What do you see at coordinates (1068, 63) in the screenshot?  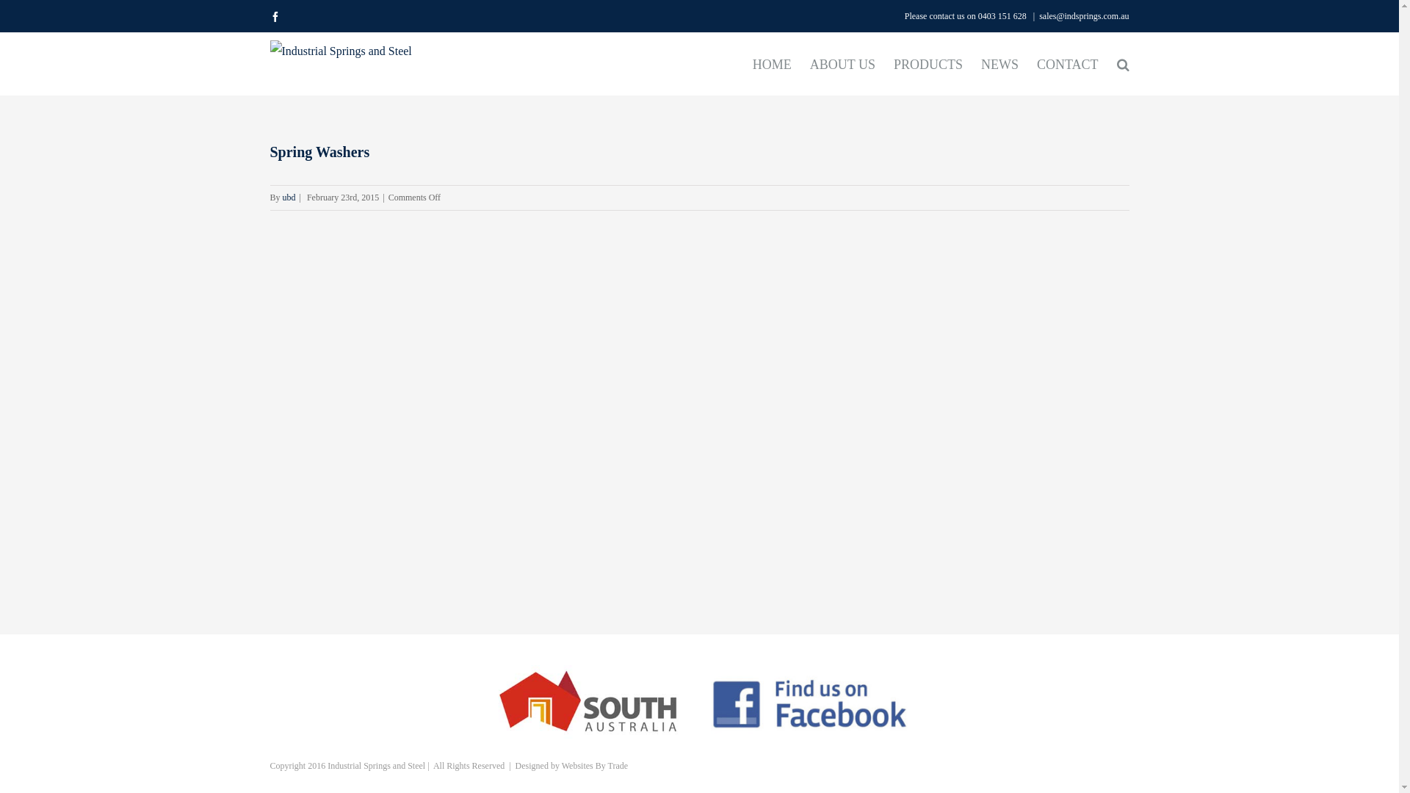 I see `'CONTACT'` at bounding box center [1068, 63].